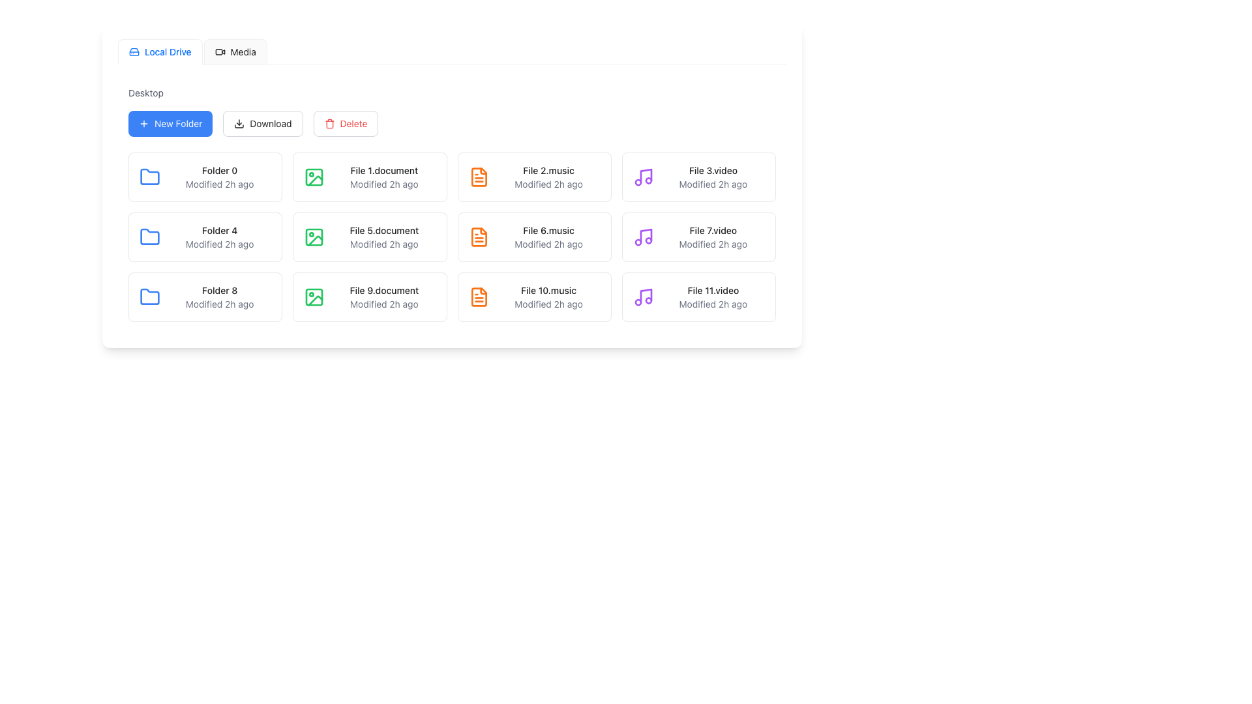 The width and height of the screenshot is (1252, 704). Describe the element at coordinates (478, 237) in the screenshot. I see `the music file icon representing 'File 6.music', located in the second row and third column under the 'Desktop' section` at that location.